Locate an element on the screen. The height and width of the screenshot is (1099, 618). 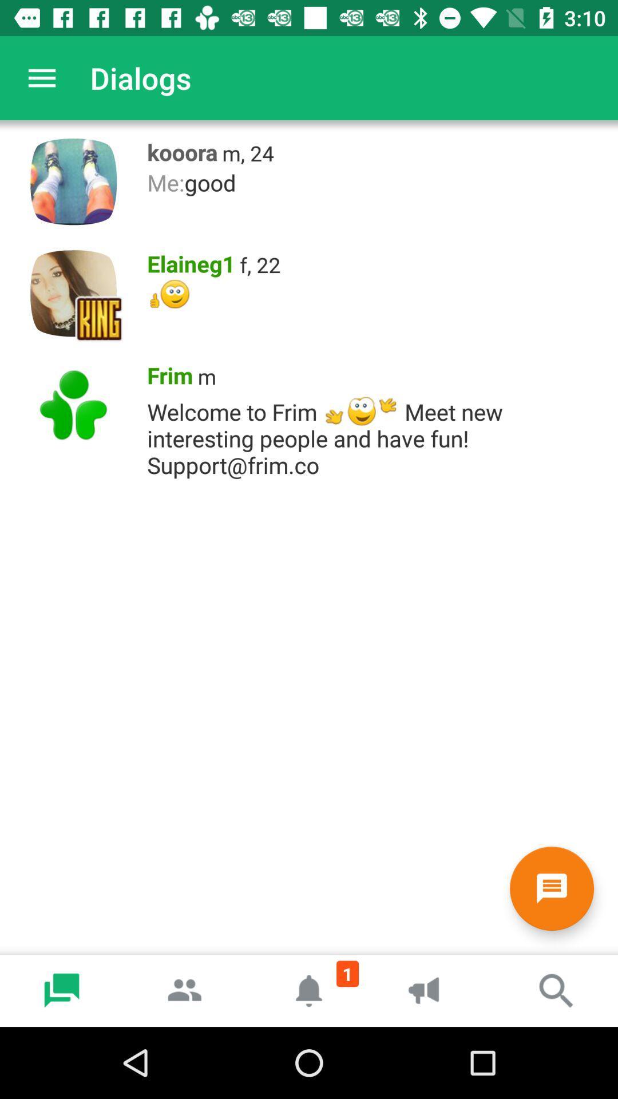
elaineg1 is located at coordinates (187, 260).